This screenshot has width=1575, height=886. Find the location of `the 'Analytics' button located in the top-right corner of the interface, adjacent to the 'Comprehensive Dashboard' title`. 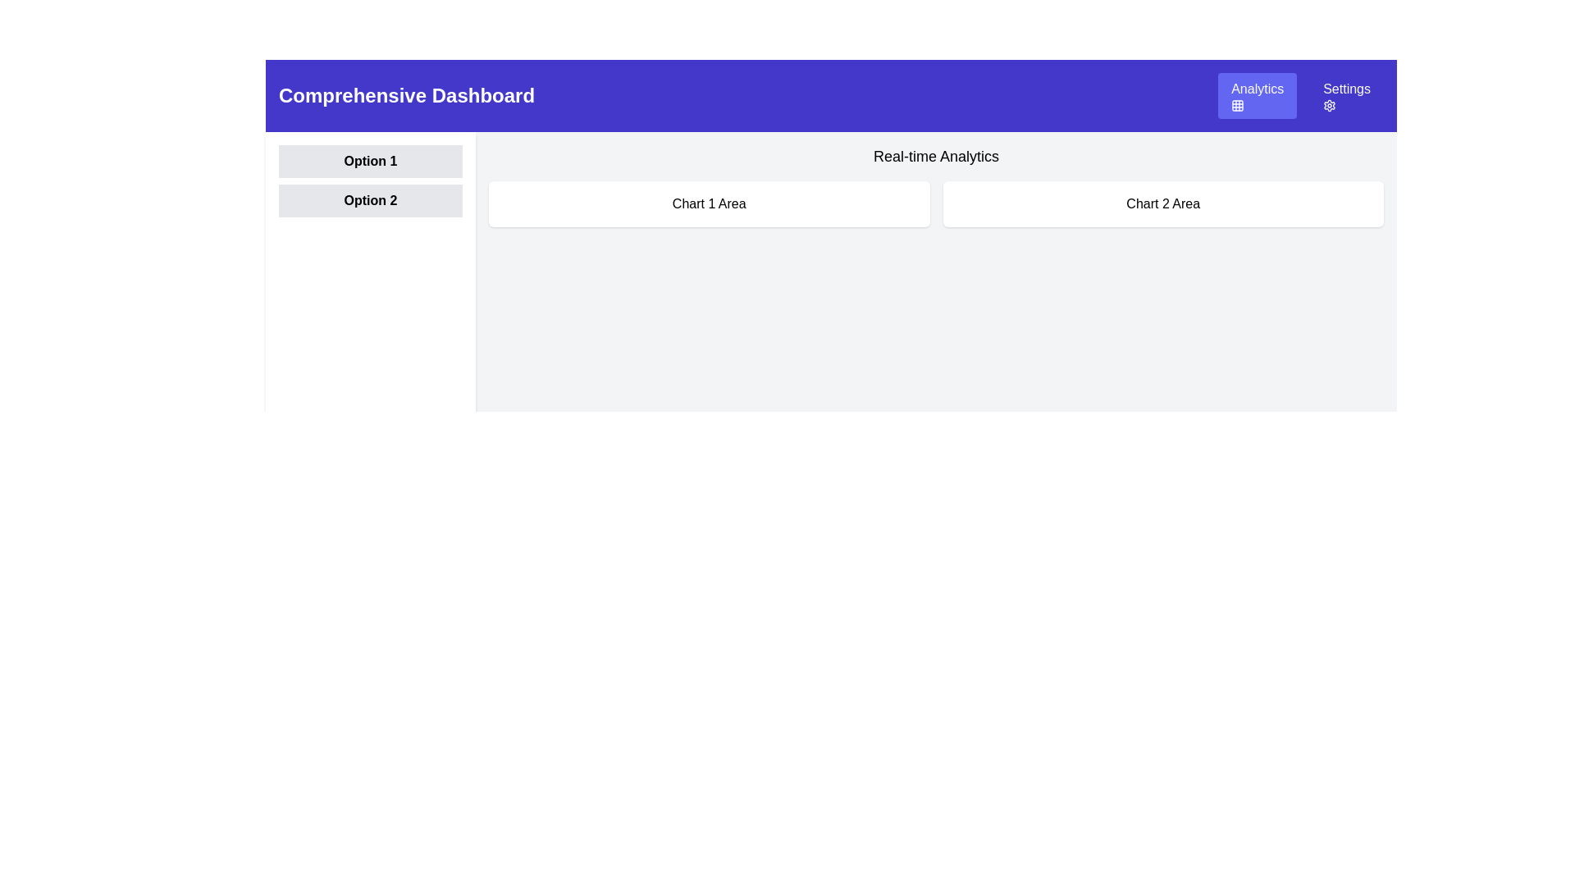

the 'Analytics' button located in the top-right corner of the interface, adjacent to the 'Comprehensive Dashboard' title is located at coordinates (1300, 95).